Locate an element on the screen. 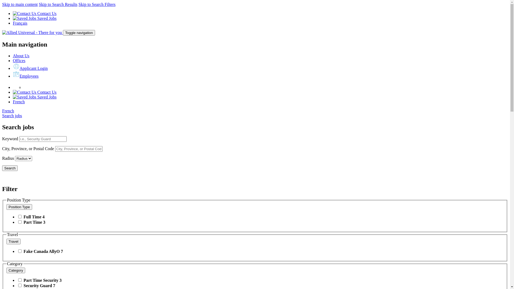 The image size is (514, 289). 'Saved Jobs' is located at coordinates (13, 97).